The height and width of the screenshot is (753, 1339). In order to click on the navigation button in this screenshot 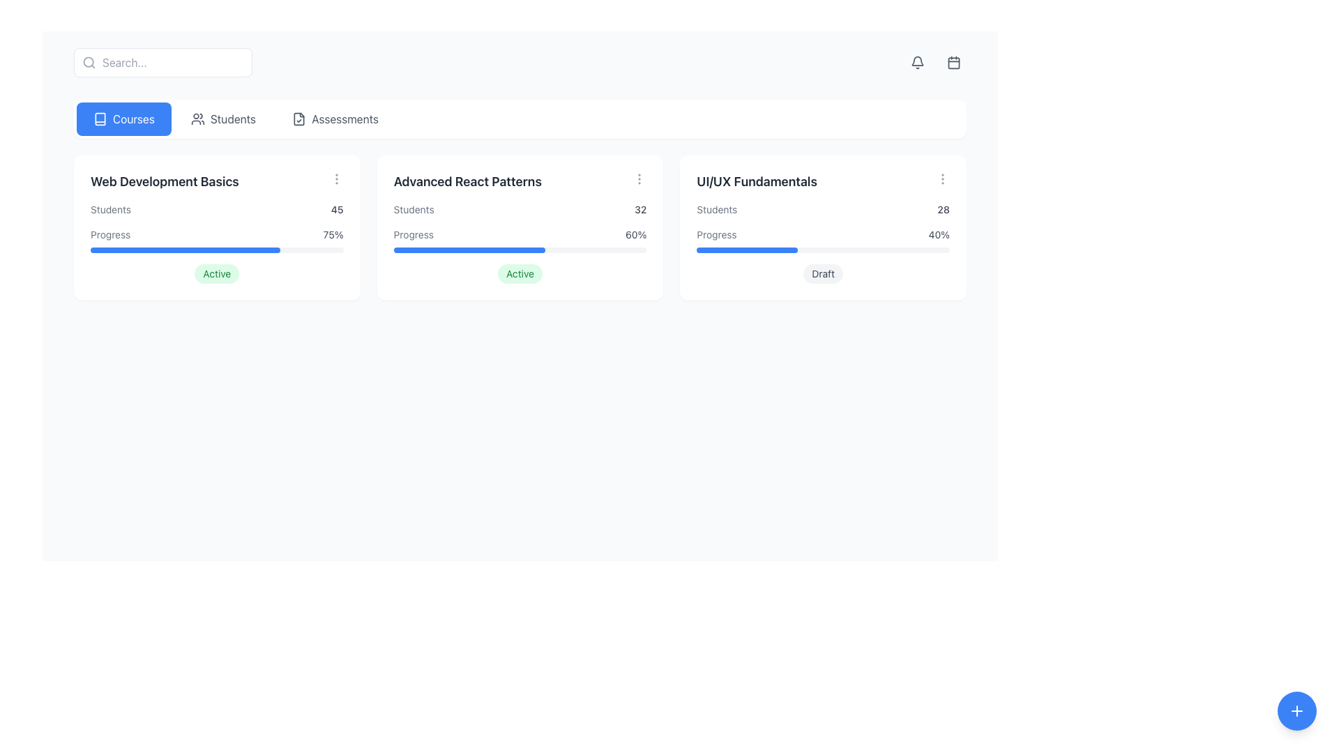, I will do `click(223, 118)`.